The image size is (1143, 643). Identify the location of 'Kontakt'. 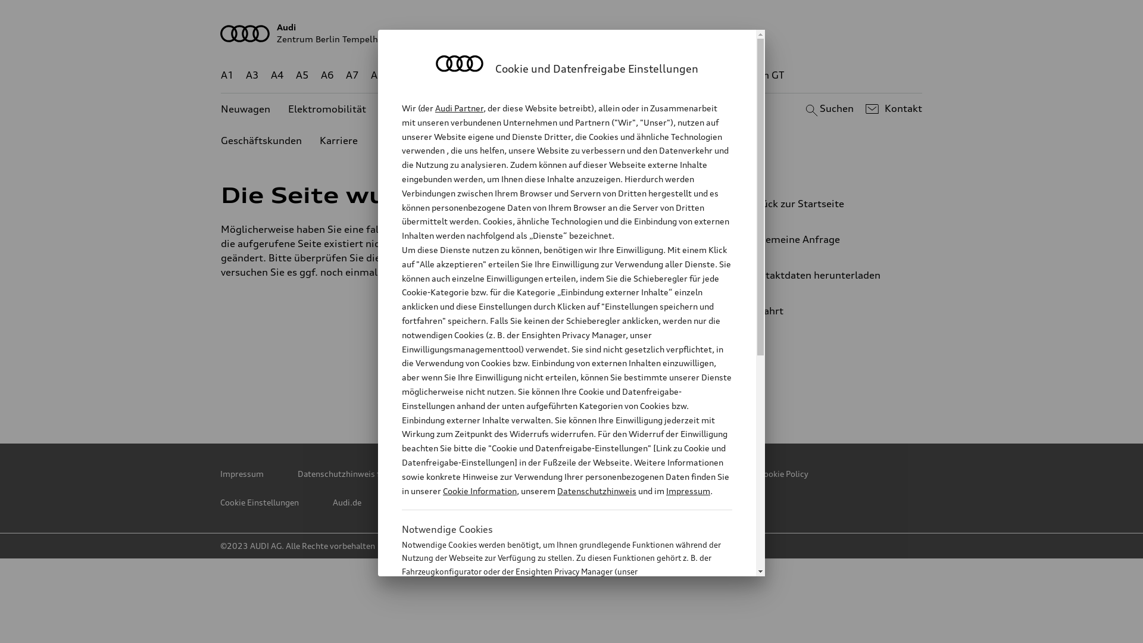
(892, 108).